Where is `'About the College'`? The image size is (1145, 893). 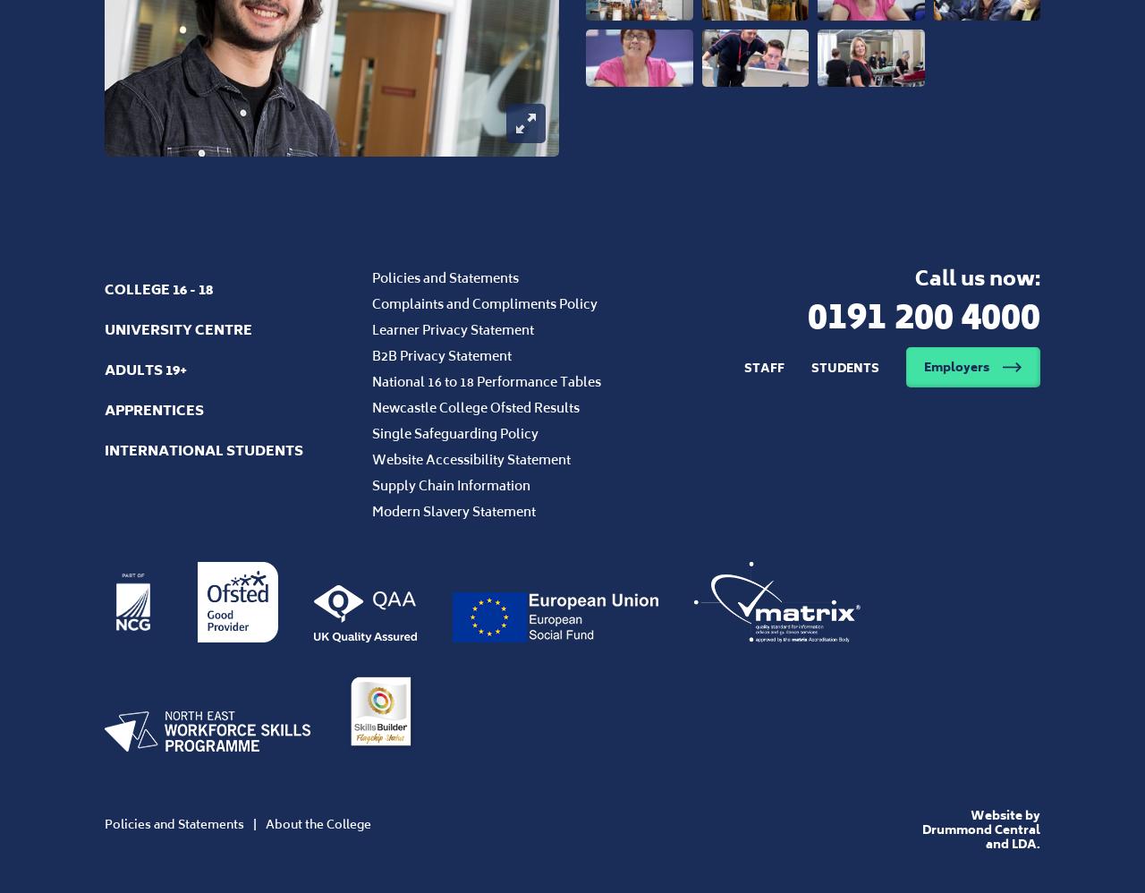
'About the College' is located at coordinates (318, 823).